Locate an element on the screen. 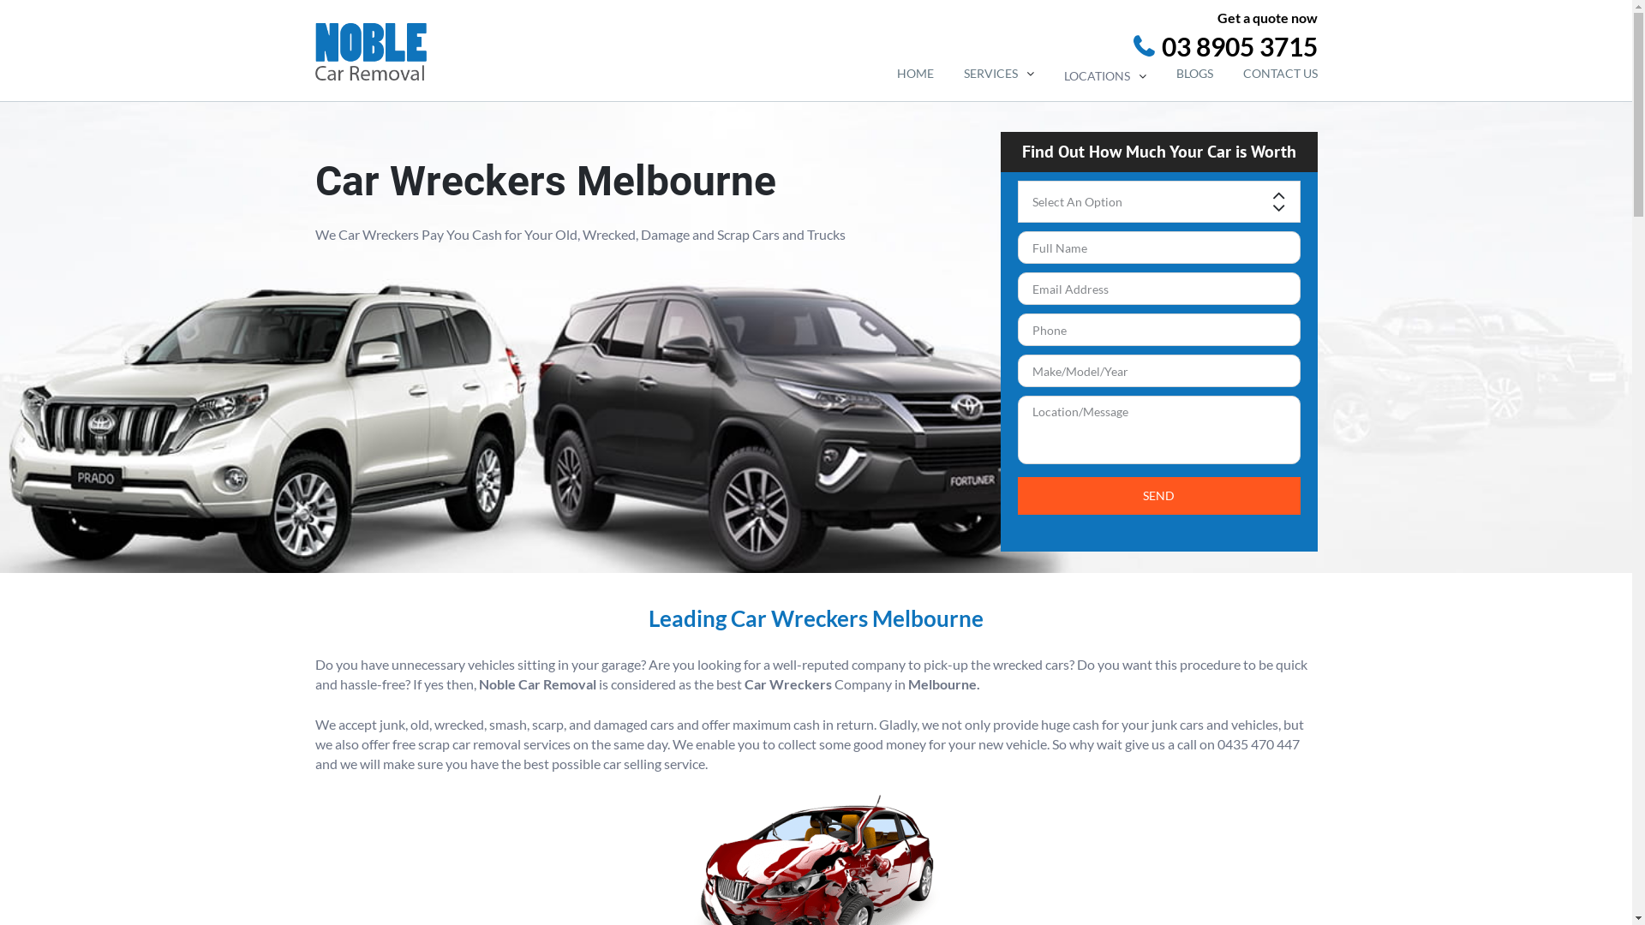 The height and width of the screenshot is (925, 1645). 'CONTACT US' is located at coordinates (1241, 72).